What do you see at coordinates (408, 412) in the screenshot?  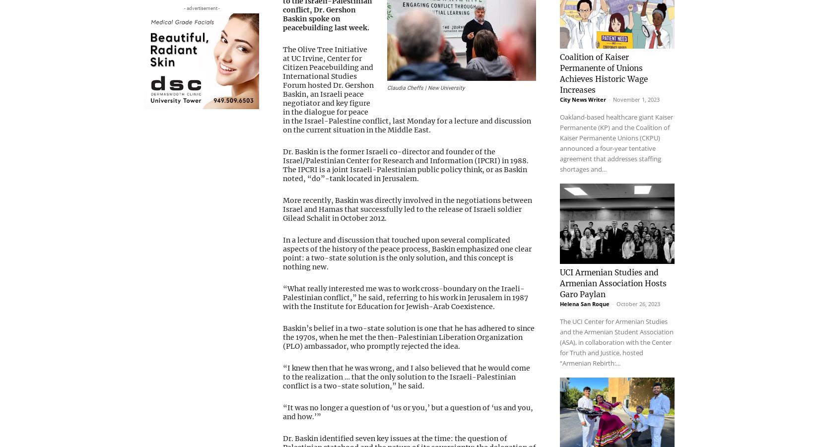 I see `'“It was no longer a question of ‘us or you,’ but a question of ‘us and you, and how.’”'` at bounding box center [408, 412].